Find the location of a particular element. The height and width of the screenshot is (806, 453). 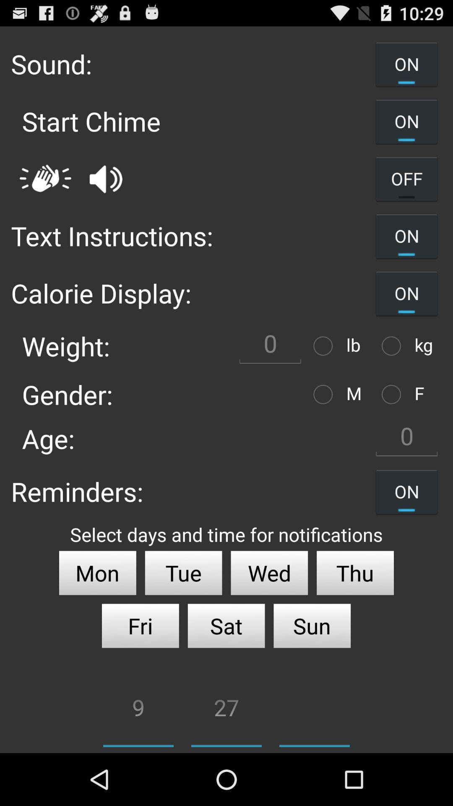

switch to kilogram option is located at coordinates (393, 346).